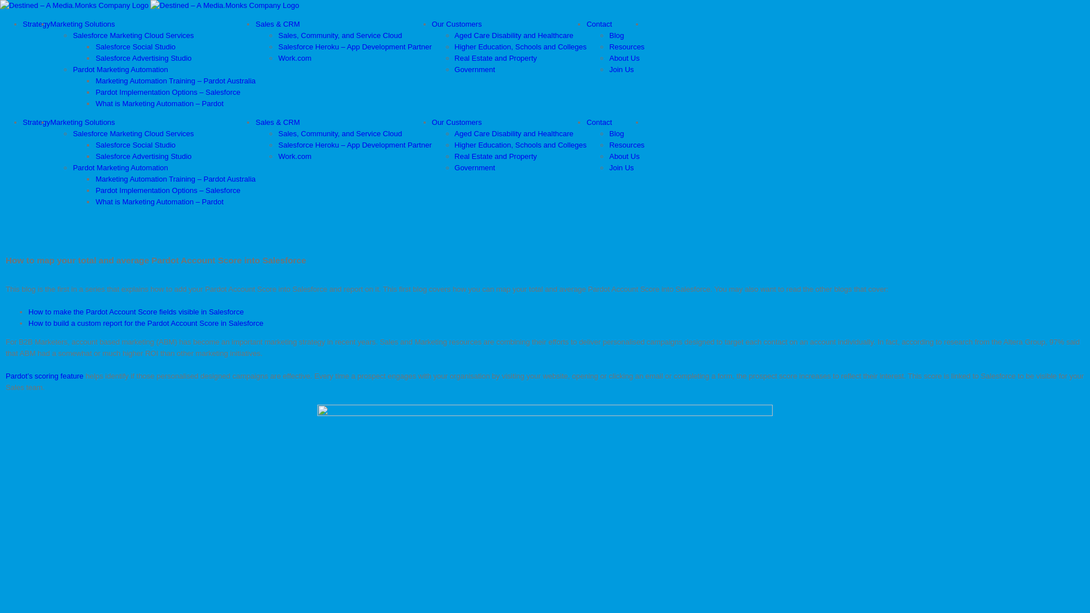 This screenshot has height=613, width=1090. Describe the element at coordinates (457, 122) in the screenshot. I see `'Our Customers'` at that location.